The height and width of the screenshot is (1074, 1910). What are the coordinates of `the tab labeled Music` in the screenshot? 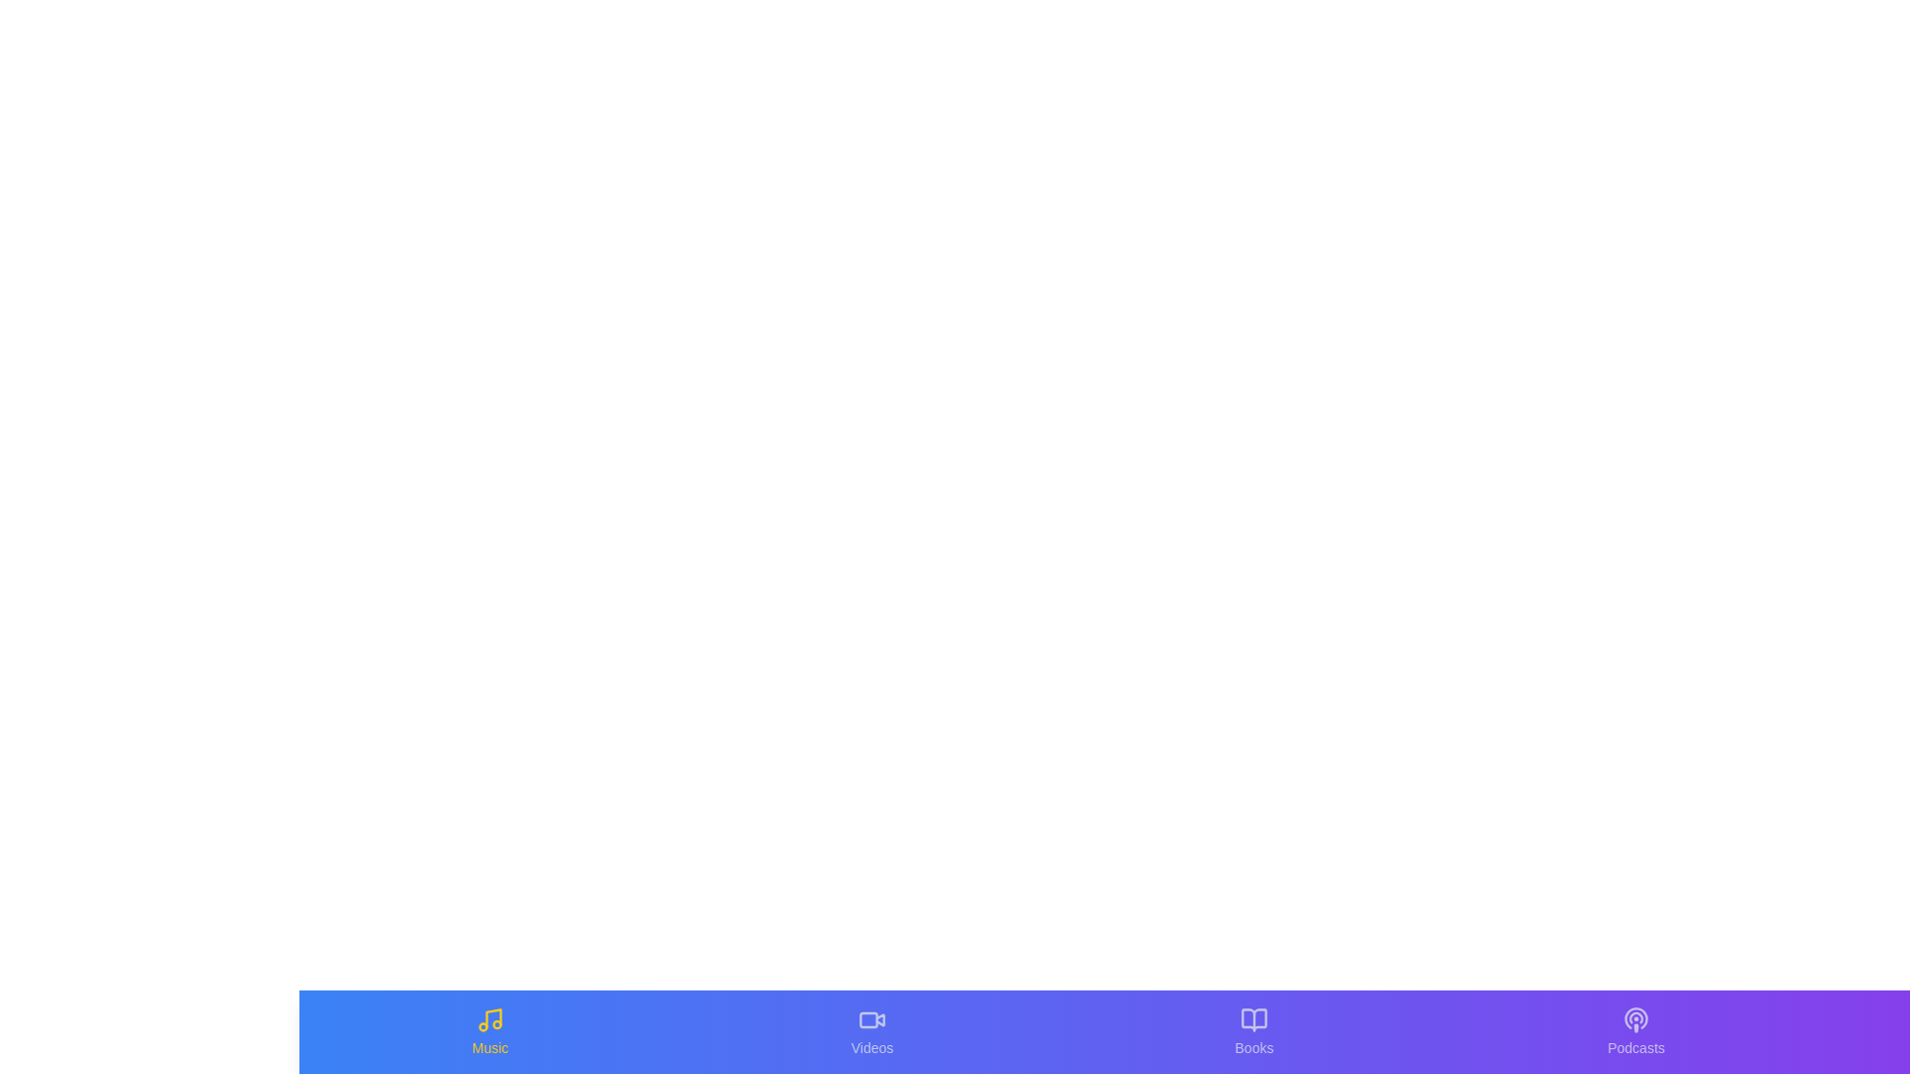 It's located at (490, 1030).